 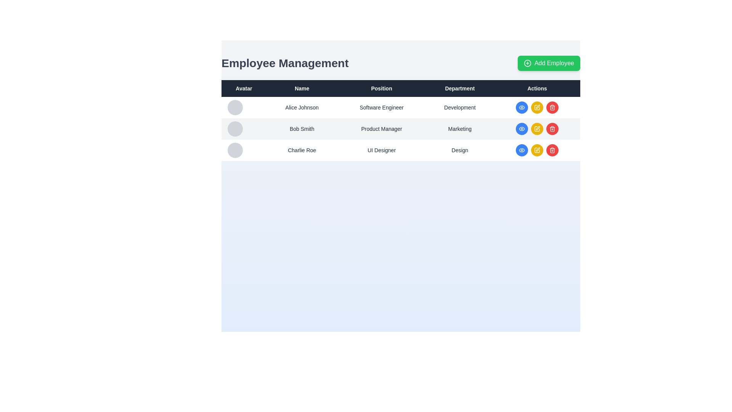 What do you see at coordinates (552, 107) in the screenshot?
I see `the trash icon button, which is styled with red color and located on the rightmost side of a table row in the 'Actions' column, to observe any hover effects` at bounding box center [552, 107].